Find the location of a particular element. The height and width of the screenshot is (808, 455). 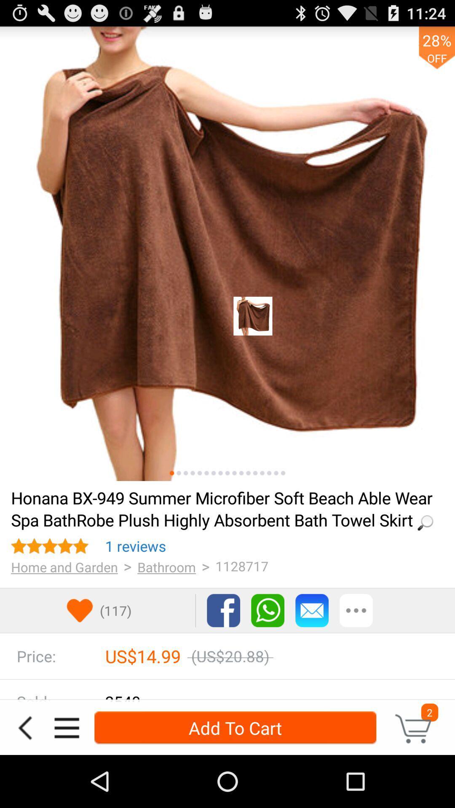

email button is located at coordinates (312, 610).